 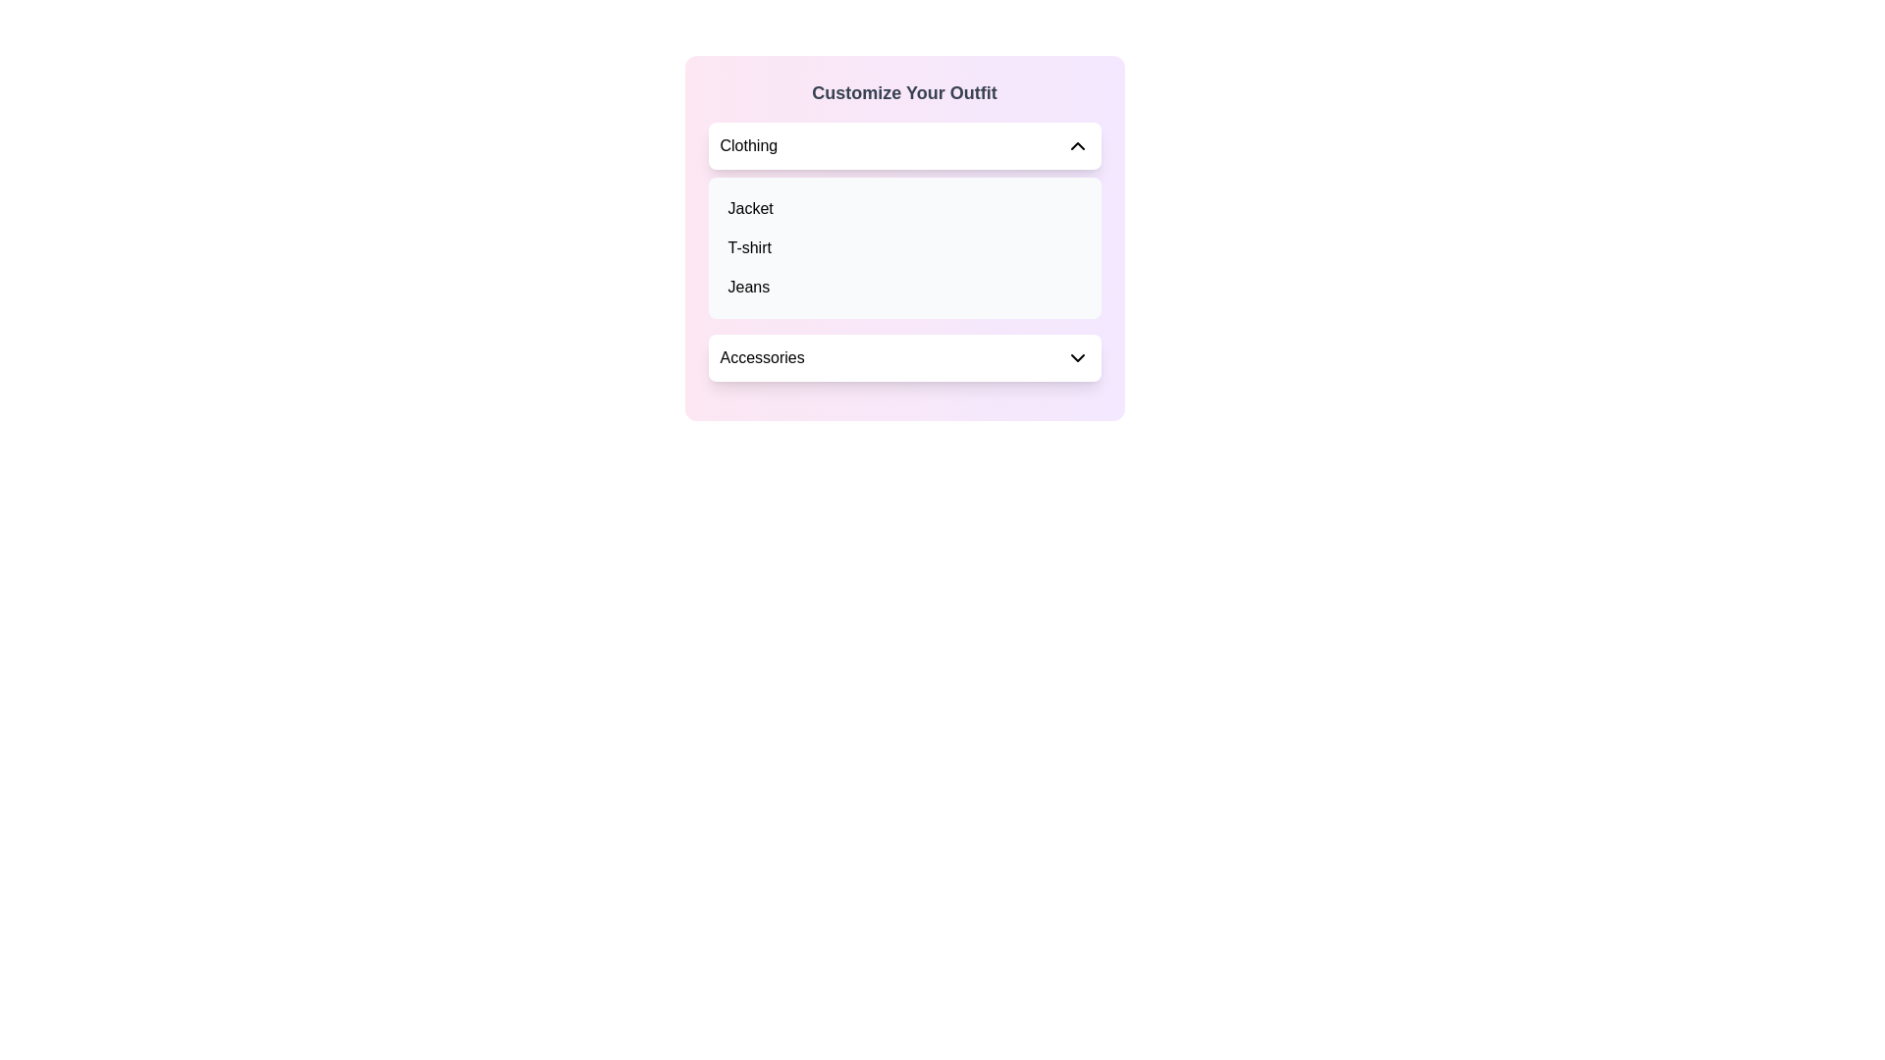 What do you see at coordinates (747, 288) in the screenshot?
I see `the 'Jeans' option in the dropdown list located in the 'Clothing' section of the 'Customize Your Outfit' interface` at bounding box center [747, 288].